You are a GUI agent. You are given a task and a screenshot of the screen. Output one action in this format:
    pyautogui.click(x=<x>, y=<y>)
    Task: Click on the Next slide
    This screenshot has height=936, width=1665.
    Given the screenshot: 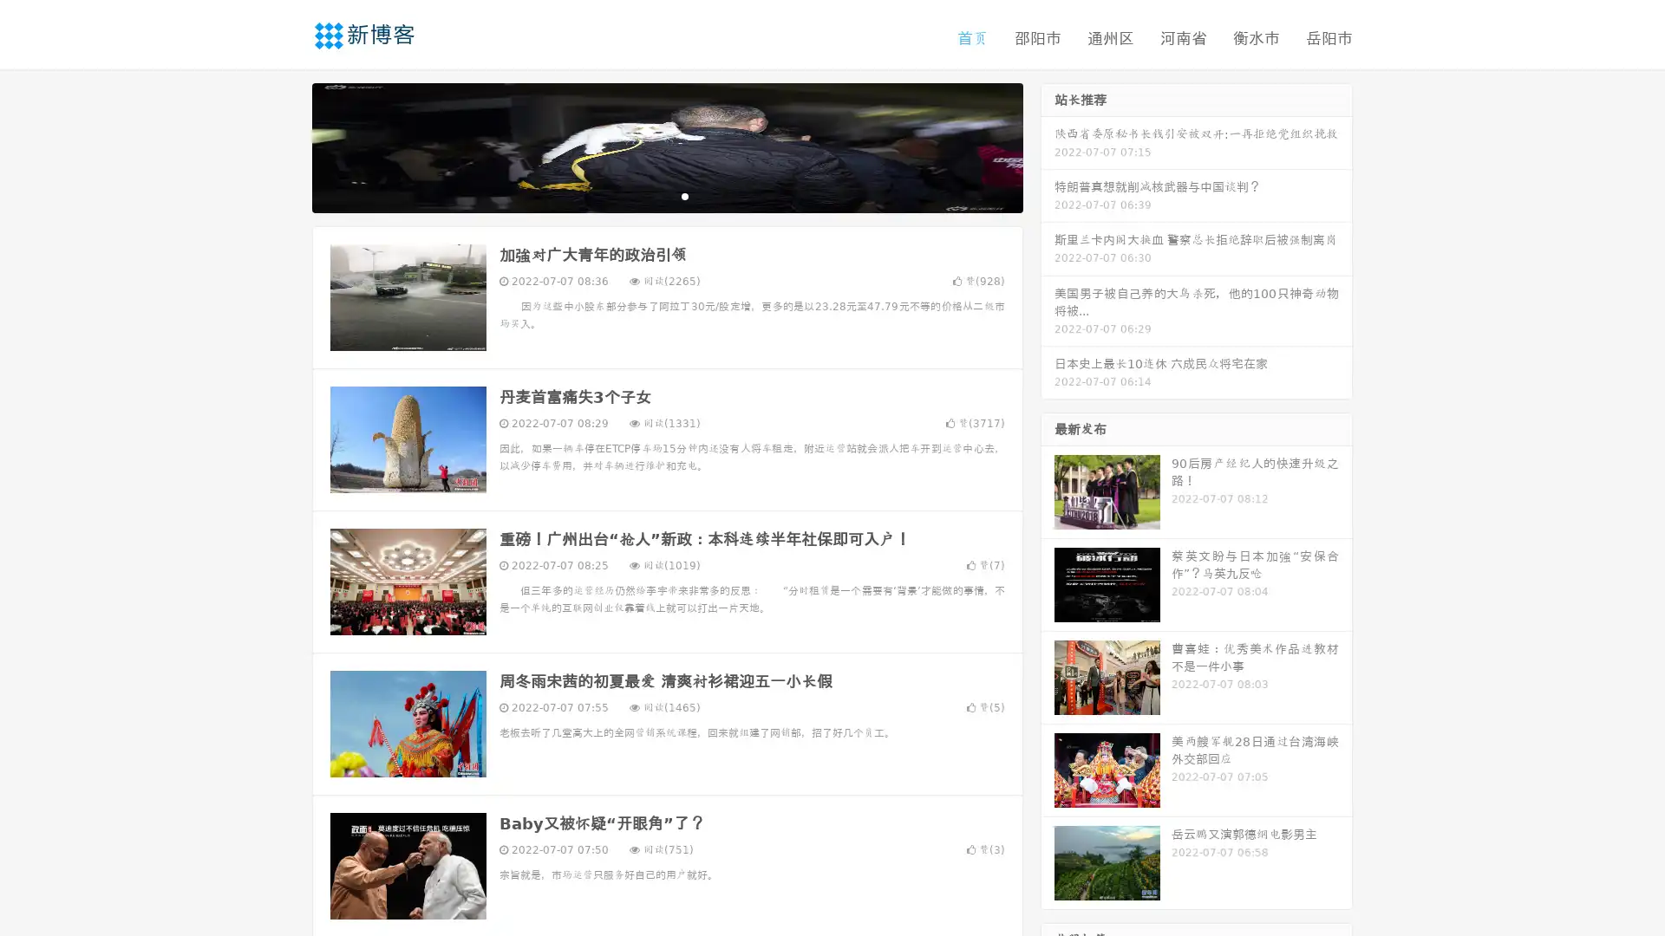 What is the action you would take?
    pyautogui.click(x=1048, y=146)
    